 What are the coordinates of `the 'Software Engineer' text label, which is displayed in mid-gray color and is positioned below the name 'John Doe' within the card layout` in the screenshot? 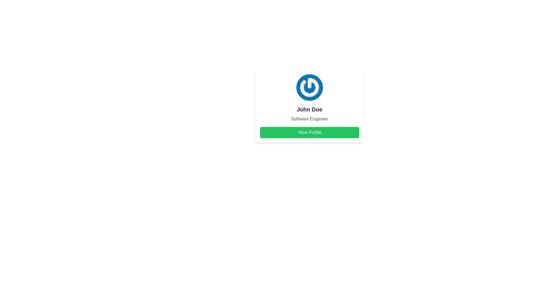 It's located at (309, 119).